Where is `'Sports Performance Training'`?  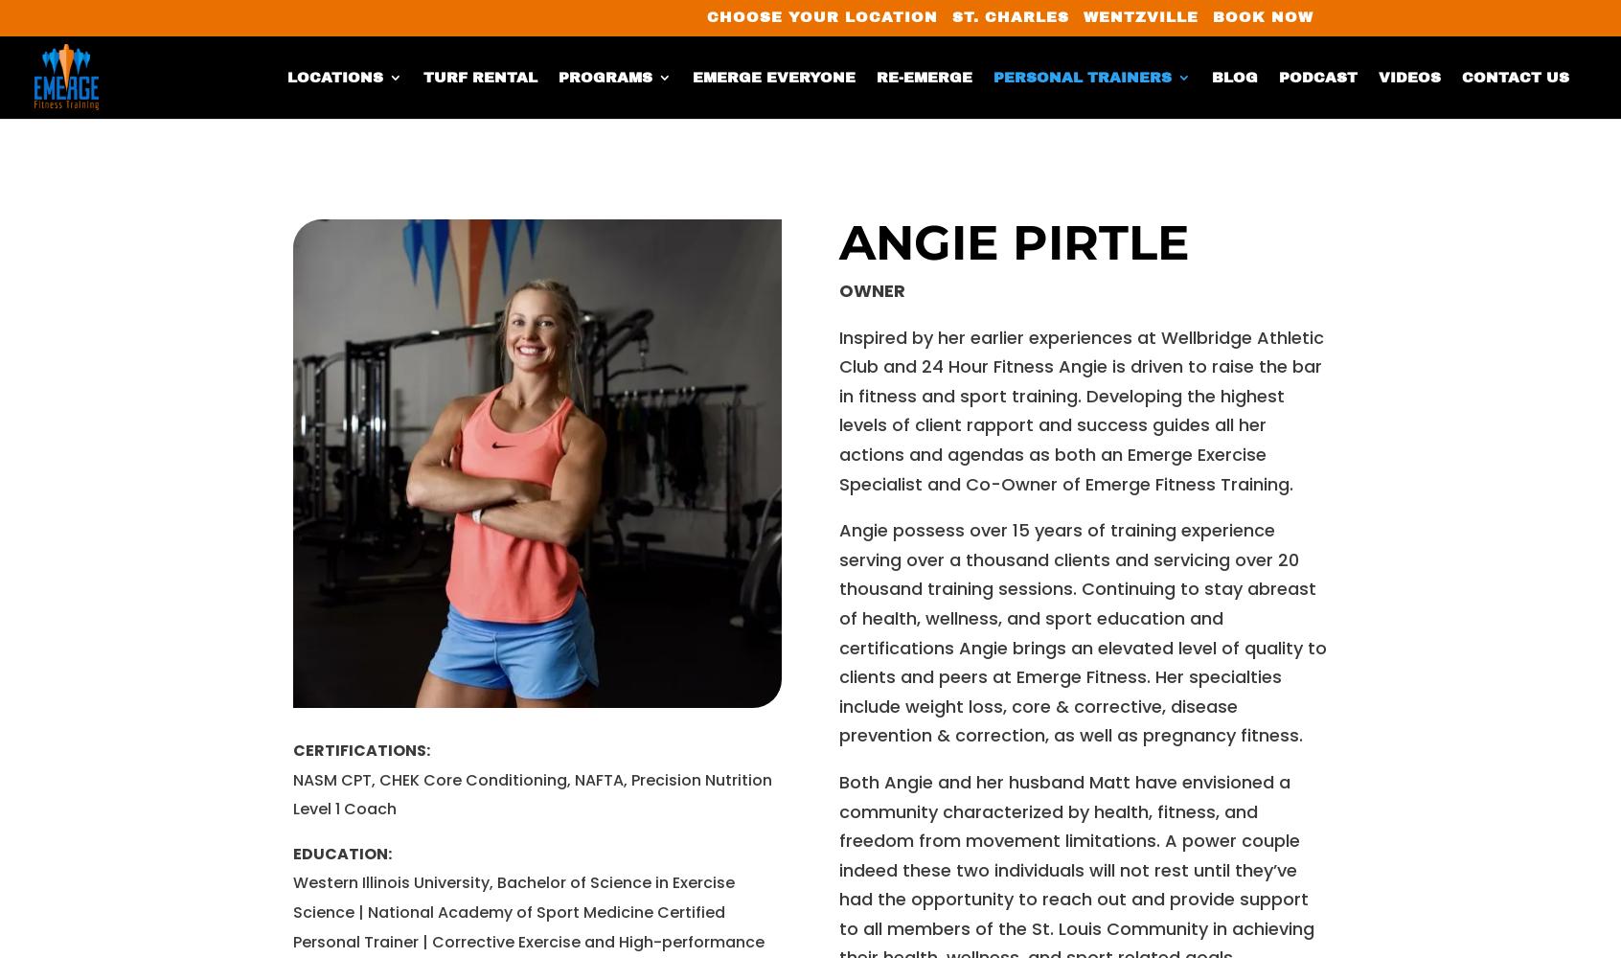 'Sports Performance Training' is located at coordinates (595, 366).